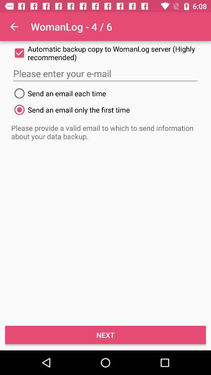 This screenshot has height=375, width=211. Describe the element at coordinates (105, 334) in the screenshot. I see `the next` at that location.